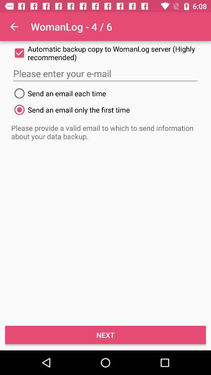 This screenshot has height=375, width=211. Describe the element at coordinates (105, 334) in the screenshot. I see `the next` at that location.